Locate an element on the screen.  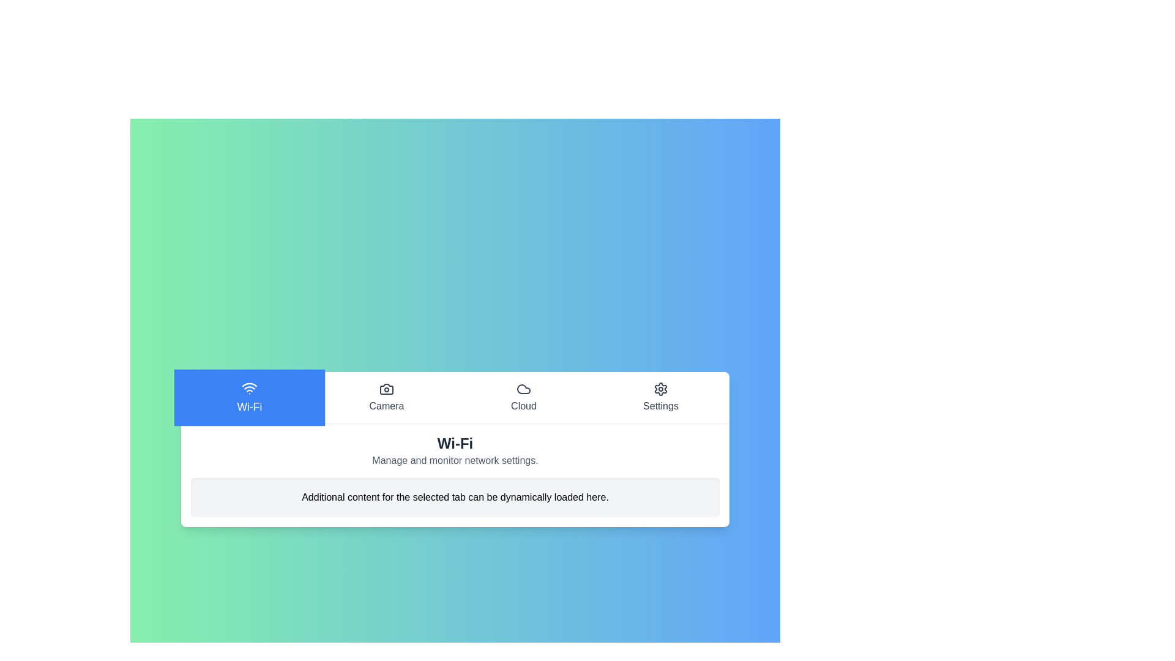
the tab labeled 'Wi-Fi' to view its description is located at coordinates (249, 397).